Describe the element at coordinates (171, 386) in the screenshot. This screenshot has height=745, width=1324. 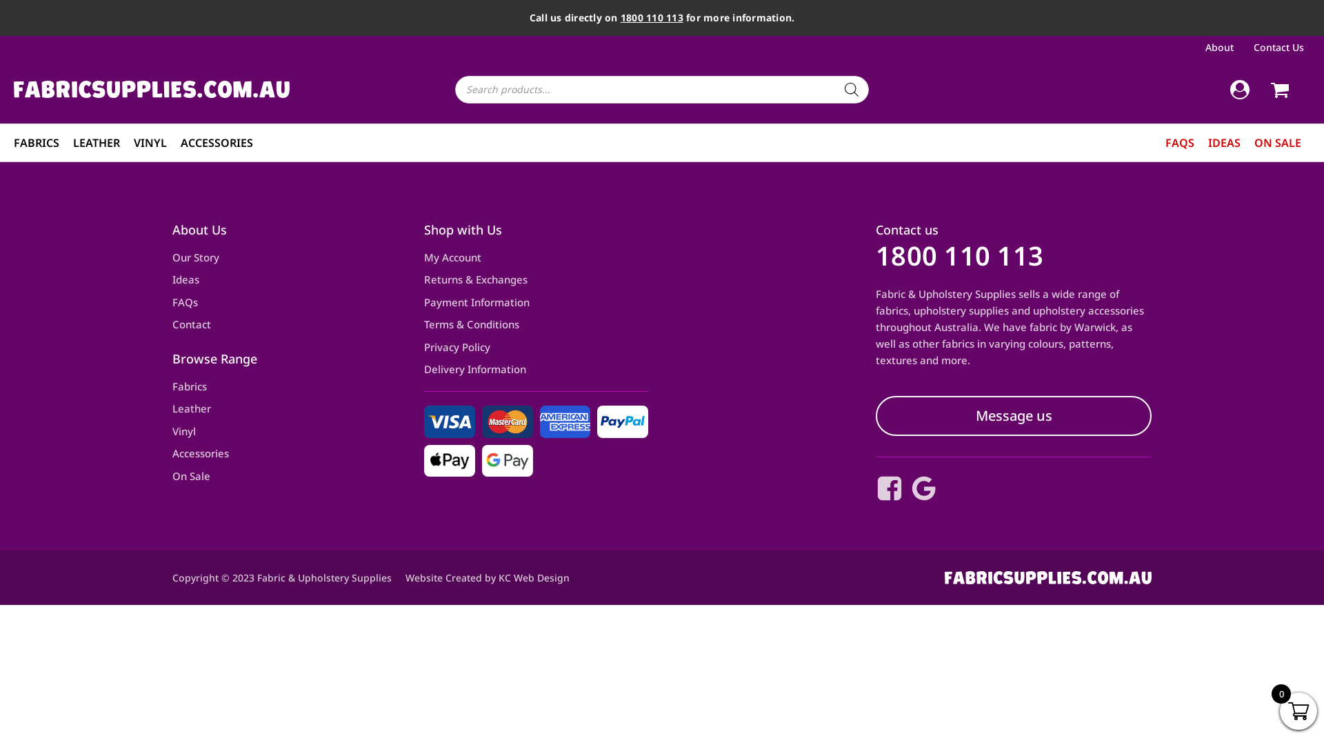
I see `'Fabrics'` at that location.